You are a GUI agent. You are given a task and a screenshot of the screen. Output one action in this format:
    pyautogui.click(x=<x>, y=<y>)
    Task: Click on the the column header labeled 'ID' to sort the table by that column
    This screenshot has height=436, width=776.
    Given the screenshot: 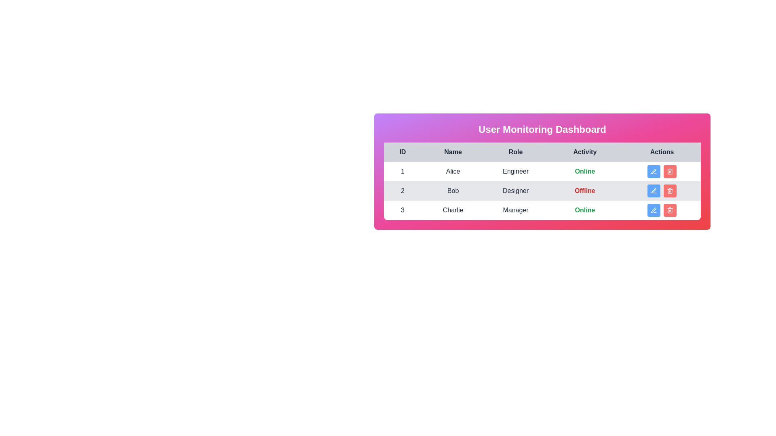 What is the action you would take?
    pyautogui.click(x=403, y=152)
    